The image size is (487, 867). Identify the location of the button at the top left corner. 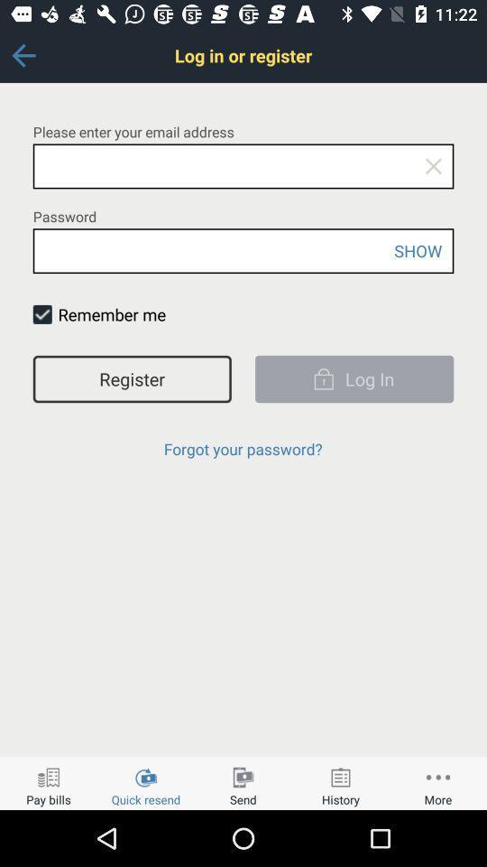
(23, 55).